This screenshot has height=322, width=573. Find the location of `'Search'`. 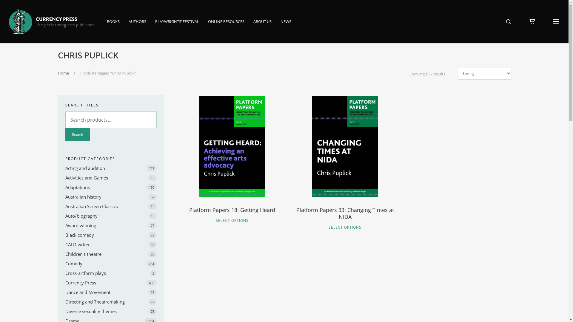

'Search' is located at coordinates (77, 134).